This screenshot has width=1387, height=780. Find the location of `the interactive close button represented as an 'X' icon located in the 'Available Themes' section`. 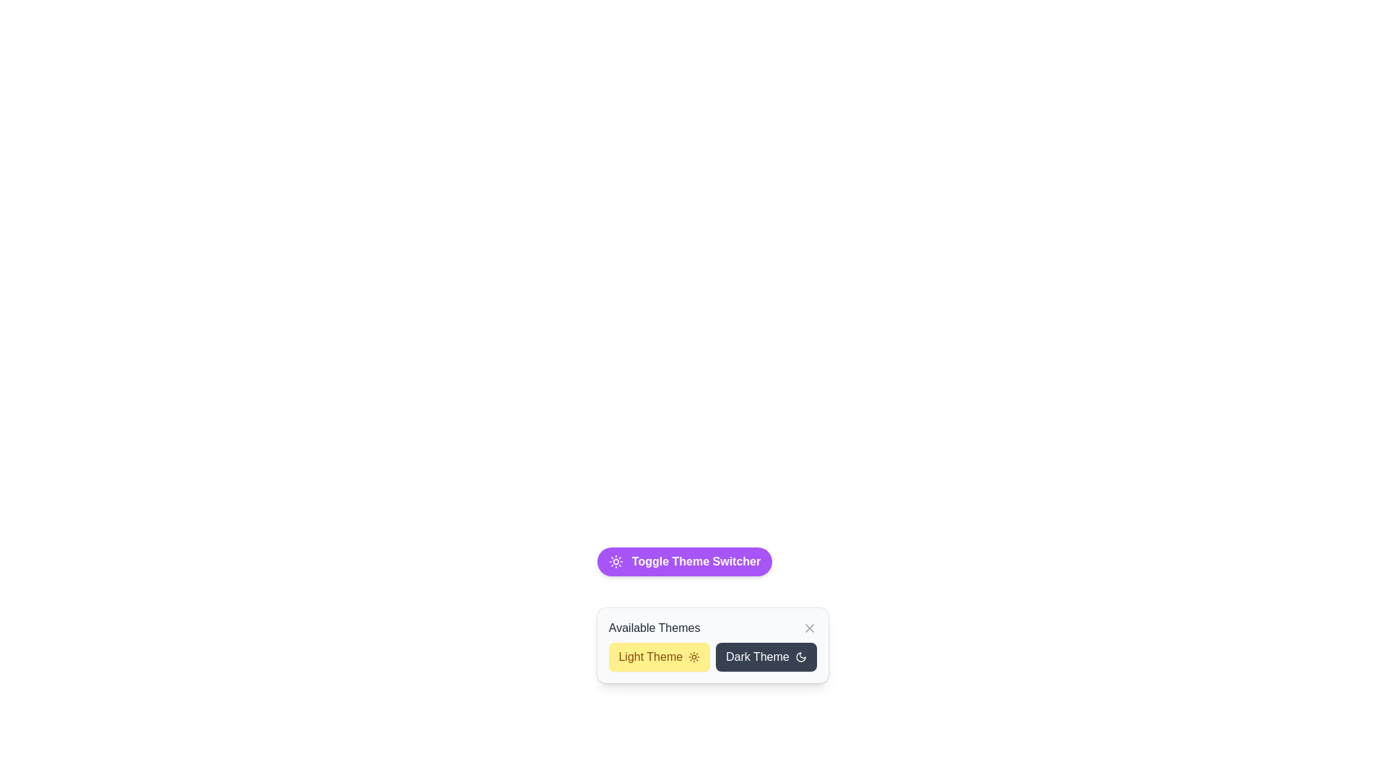

the interactive close button represented as an 'X' icon located in the 'Available Themes' section is located at coordinates (809, 628).